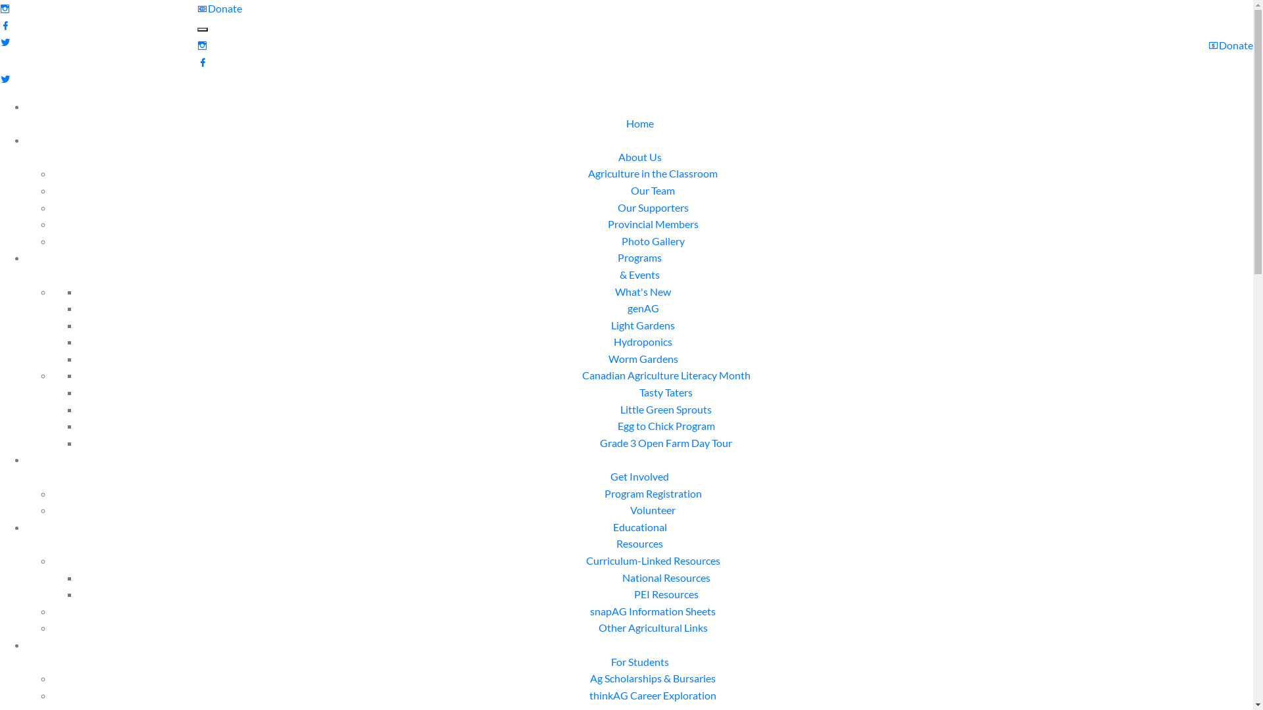  Describe the element at coordinates (653, 678) in the screenshot. I see `'Ag Scholarships & Bursaries'` at that location.